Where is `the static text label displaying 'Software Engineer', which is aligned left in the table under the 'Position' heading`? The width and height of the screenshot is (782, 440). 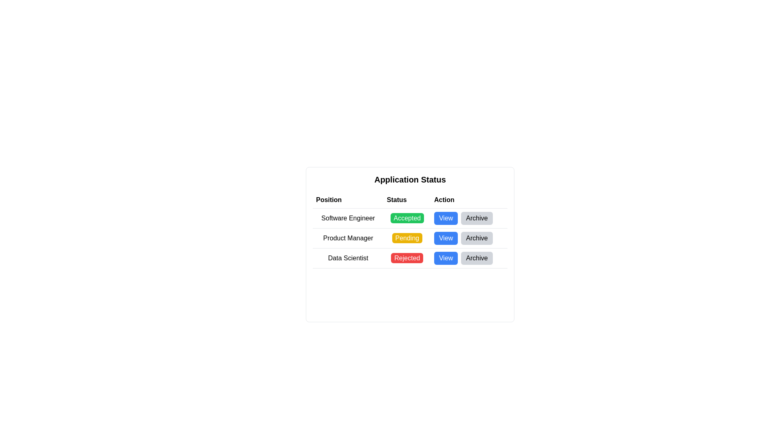
the static text label displaying 'Software Engineer', which is aligned left in the table under the 'Position' heading is located at coordinates (348, 218).